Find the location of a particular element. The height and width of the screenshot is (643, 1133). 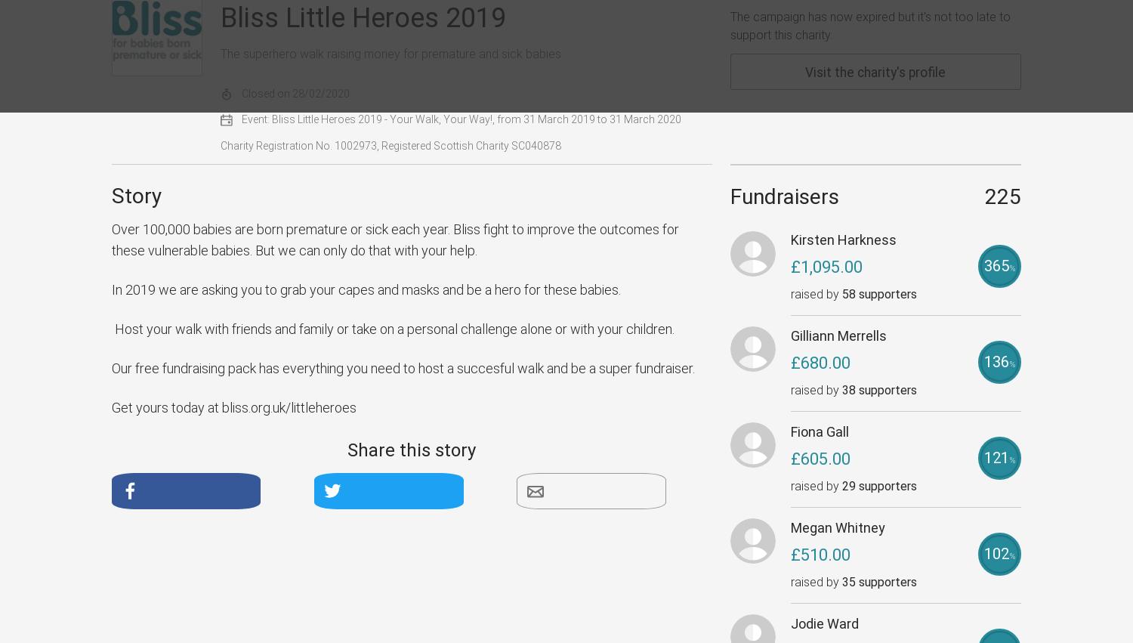

'Story' is located at coordinates (137, 195).